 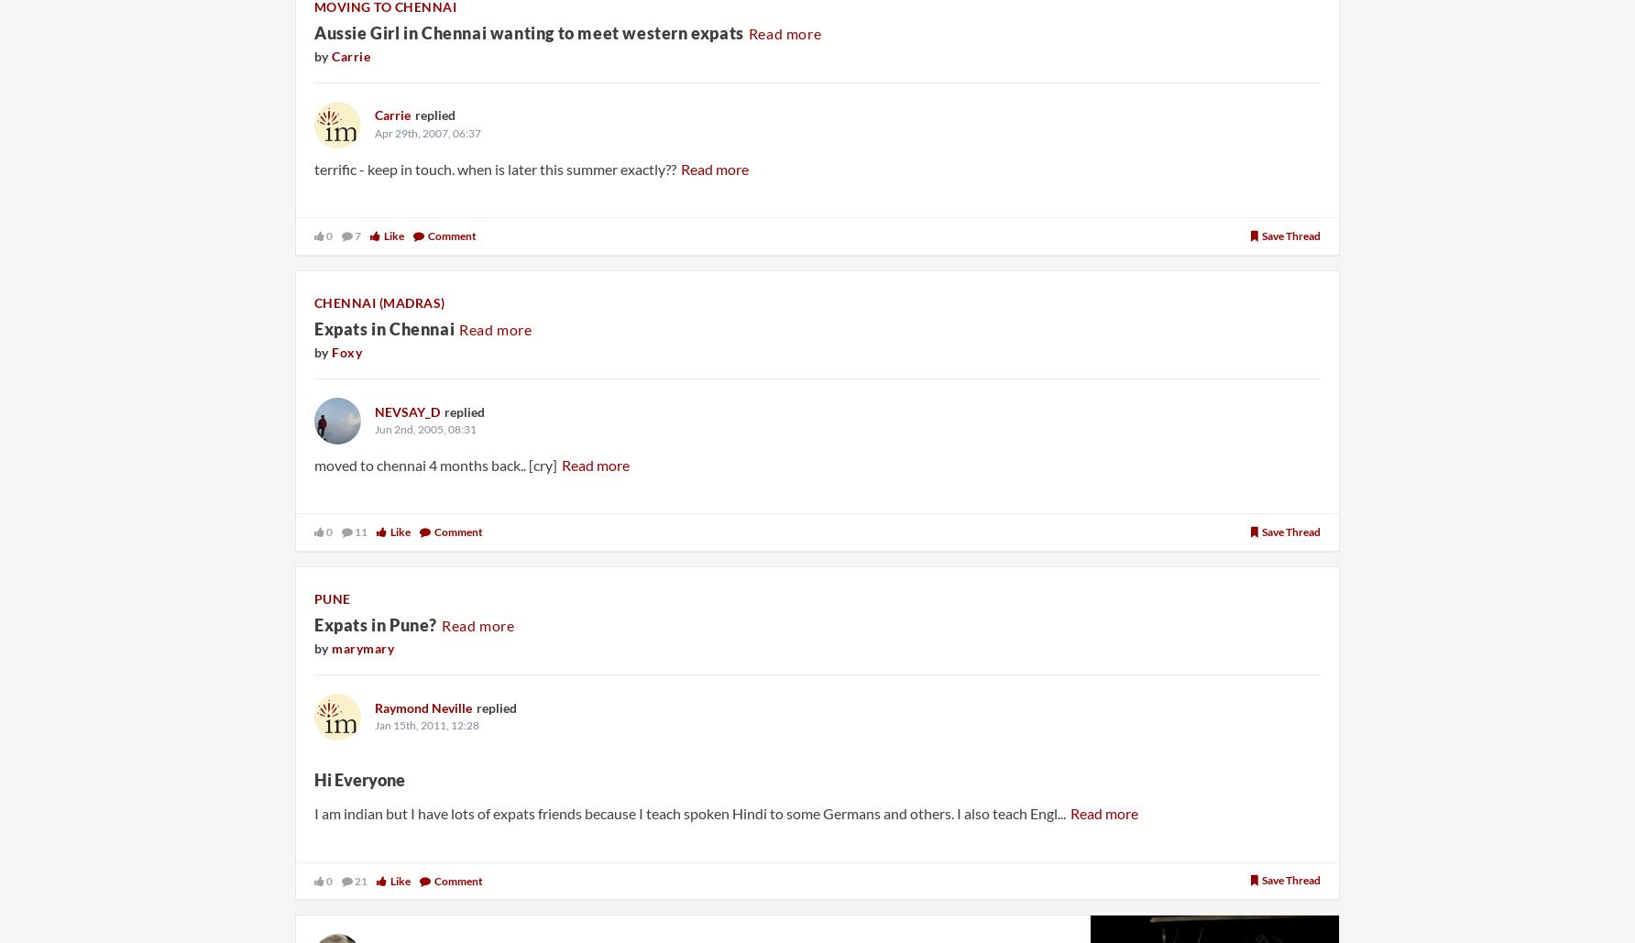 I want to click on 'Aussie Girl in Chennai wanting to meet western expats', so click(x=527, y=31).